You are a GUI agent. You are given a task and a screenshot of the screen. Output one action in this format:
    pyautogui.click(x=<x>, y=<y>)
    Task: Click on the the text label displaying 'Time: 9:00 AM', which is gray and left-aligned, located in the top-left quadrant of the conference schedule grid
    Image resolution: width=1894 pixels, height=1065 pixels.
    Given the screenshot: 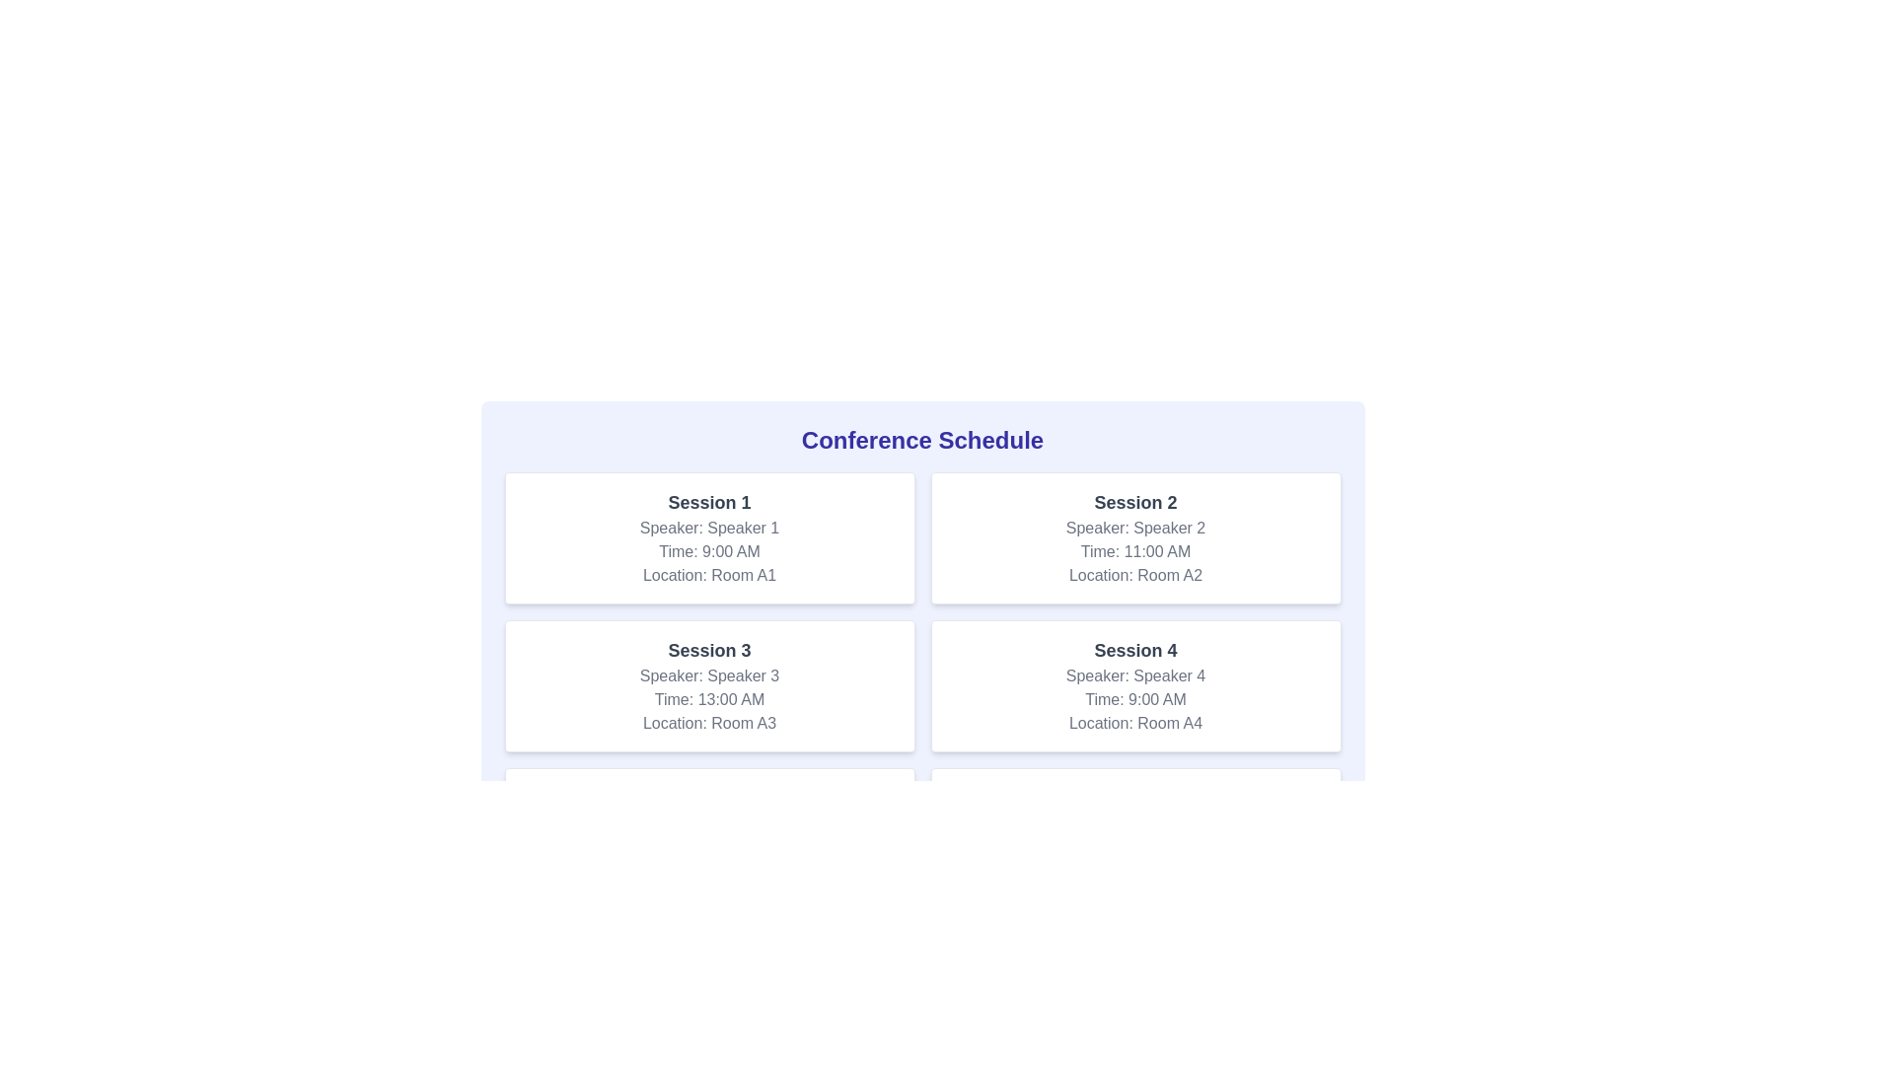 What is the action you would take?
    pyautogui.click(x=709, y=551)
    